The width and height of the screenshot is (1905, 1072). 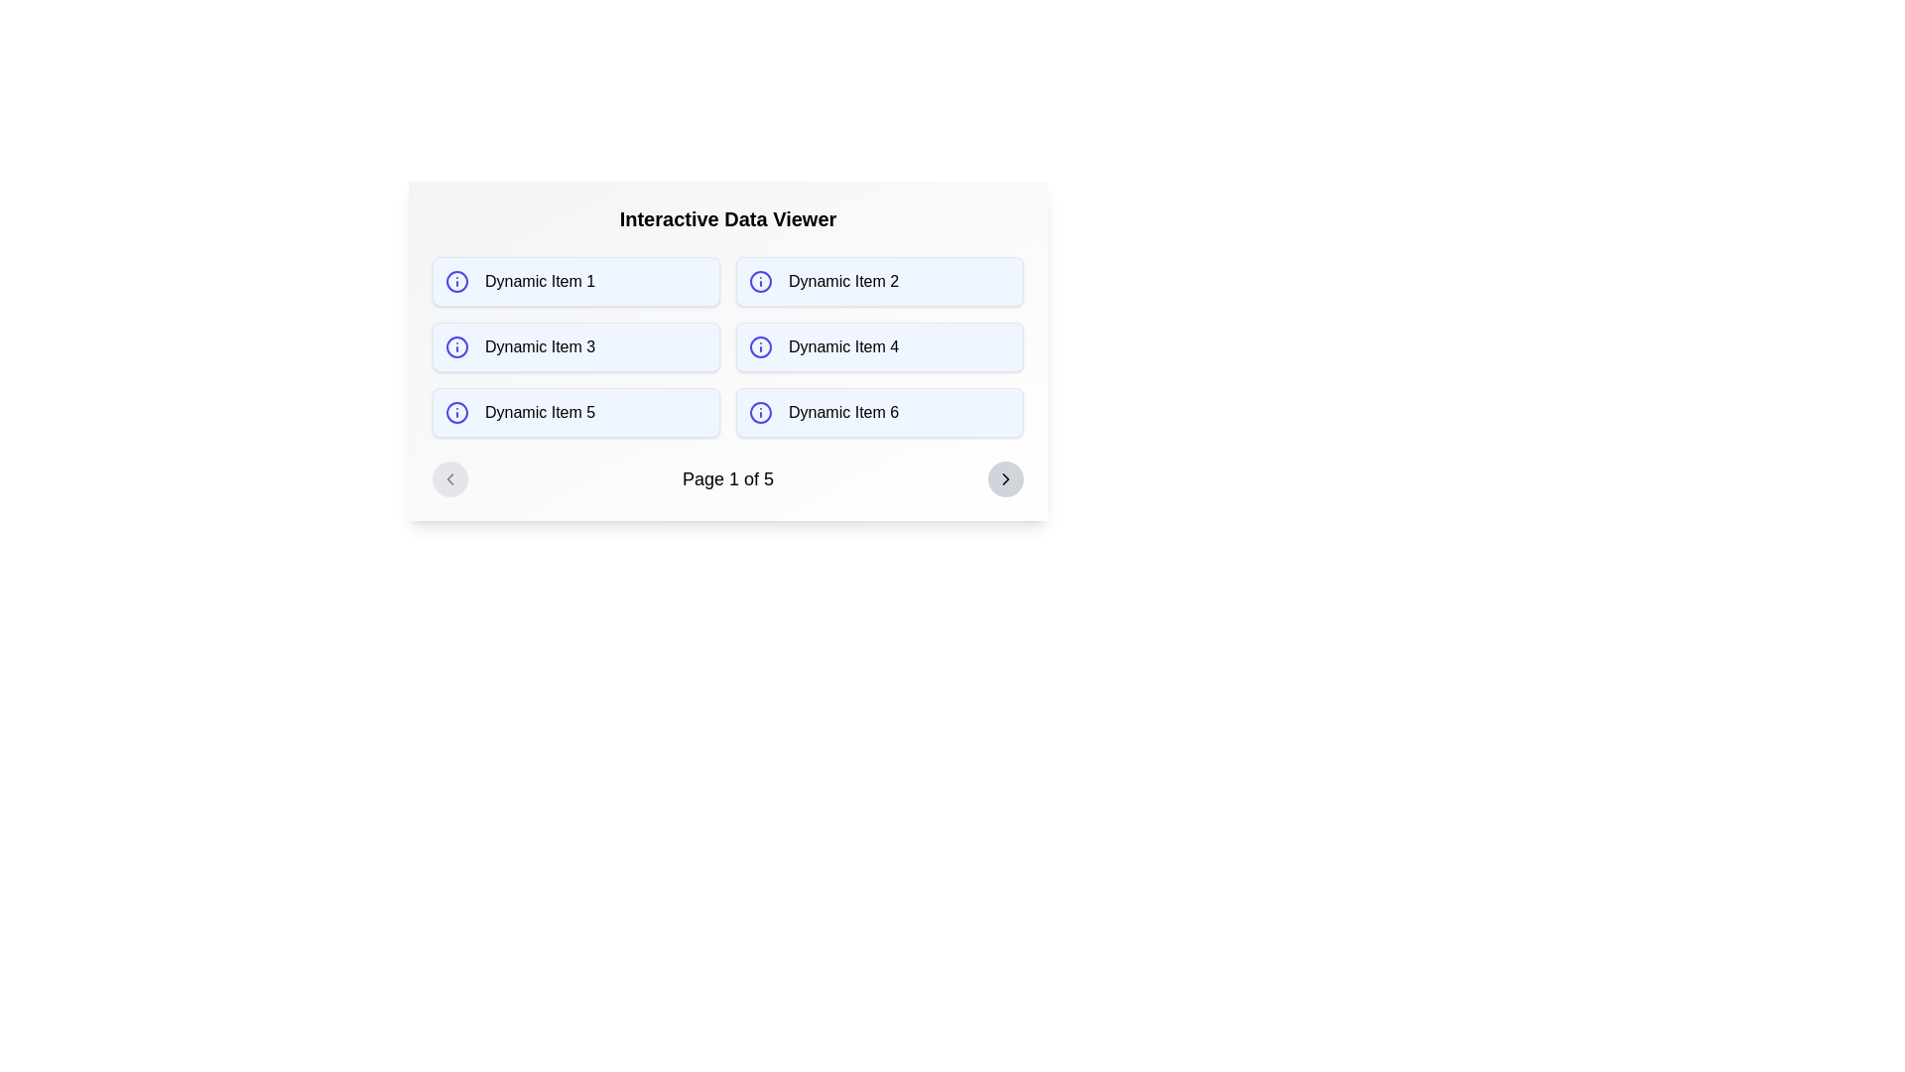 What do you see at coordinates (455, 282) in the screenshot?
I see `the circular graphical element located at the top-left corner of a grid layout` at bounding box center [455, 282].